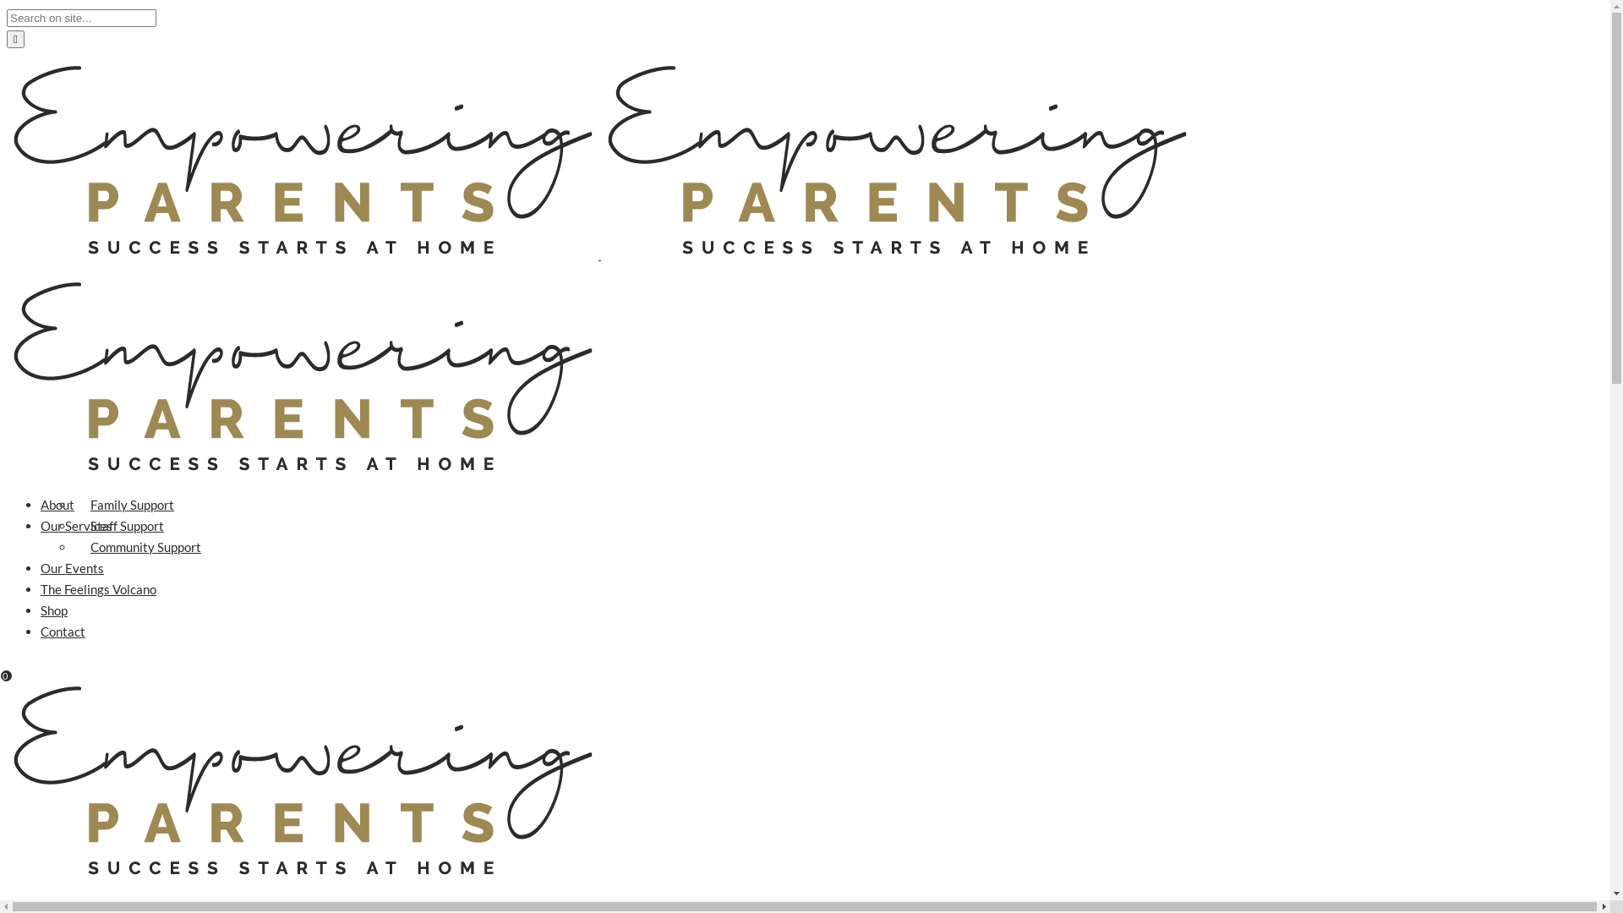  I want to click on 'Our Services', so click(41, 524).